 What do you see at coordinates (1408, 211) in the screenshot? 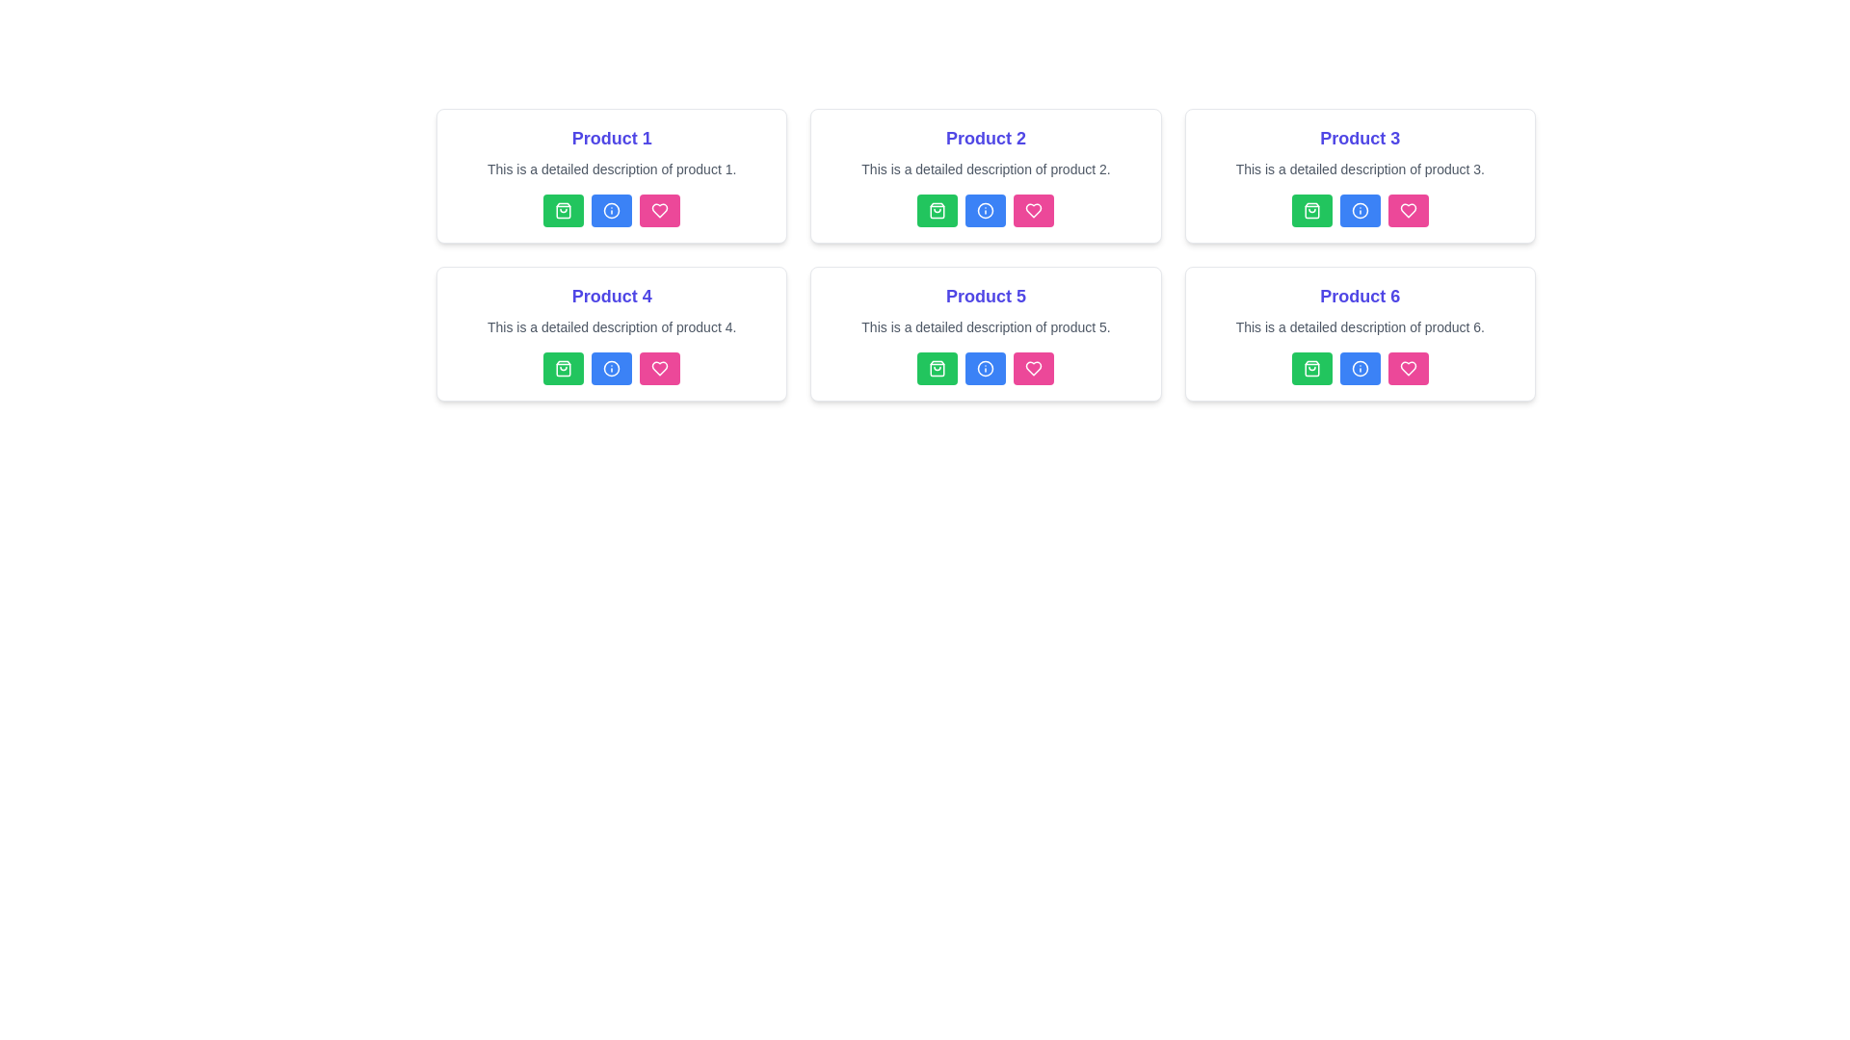
I see `the heart-shaped icon (pink color fill) located in the bottom row of icons below 'Product 6'` at bounding box center [1408, 211].